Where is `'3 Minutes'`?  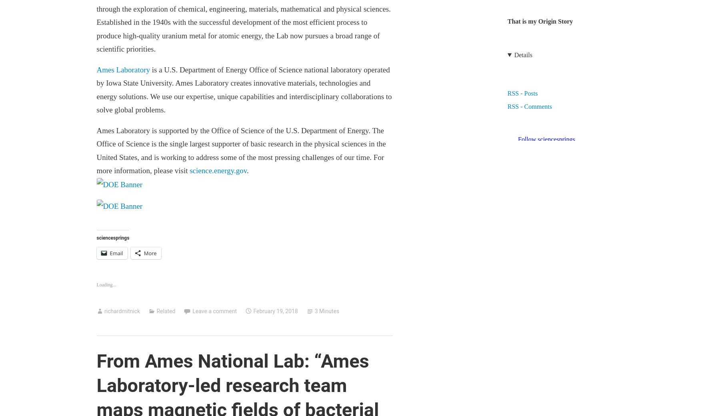 '3 Minutes' is located at coordinates (327, 310).